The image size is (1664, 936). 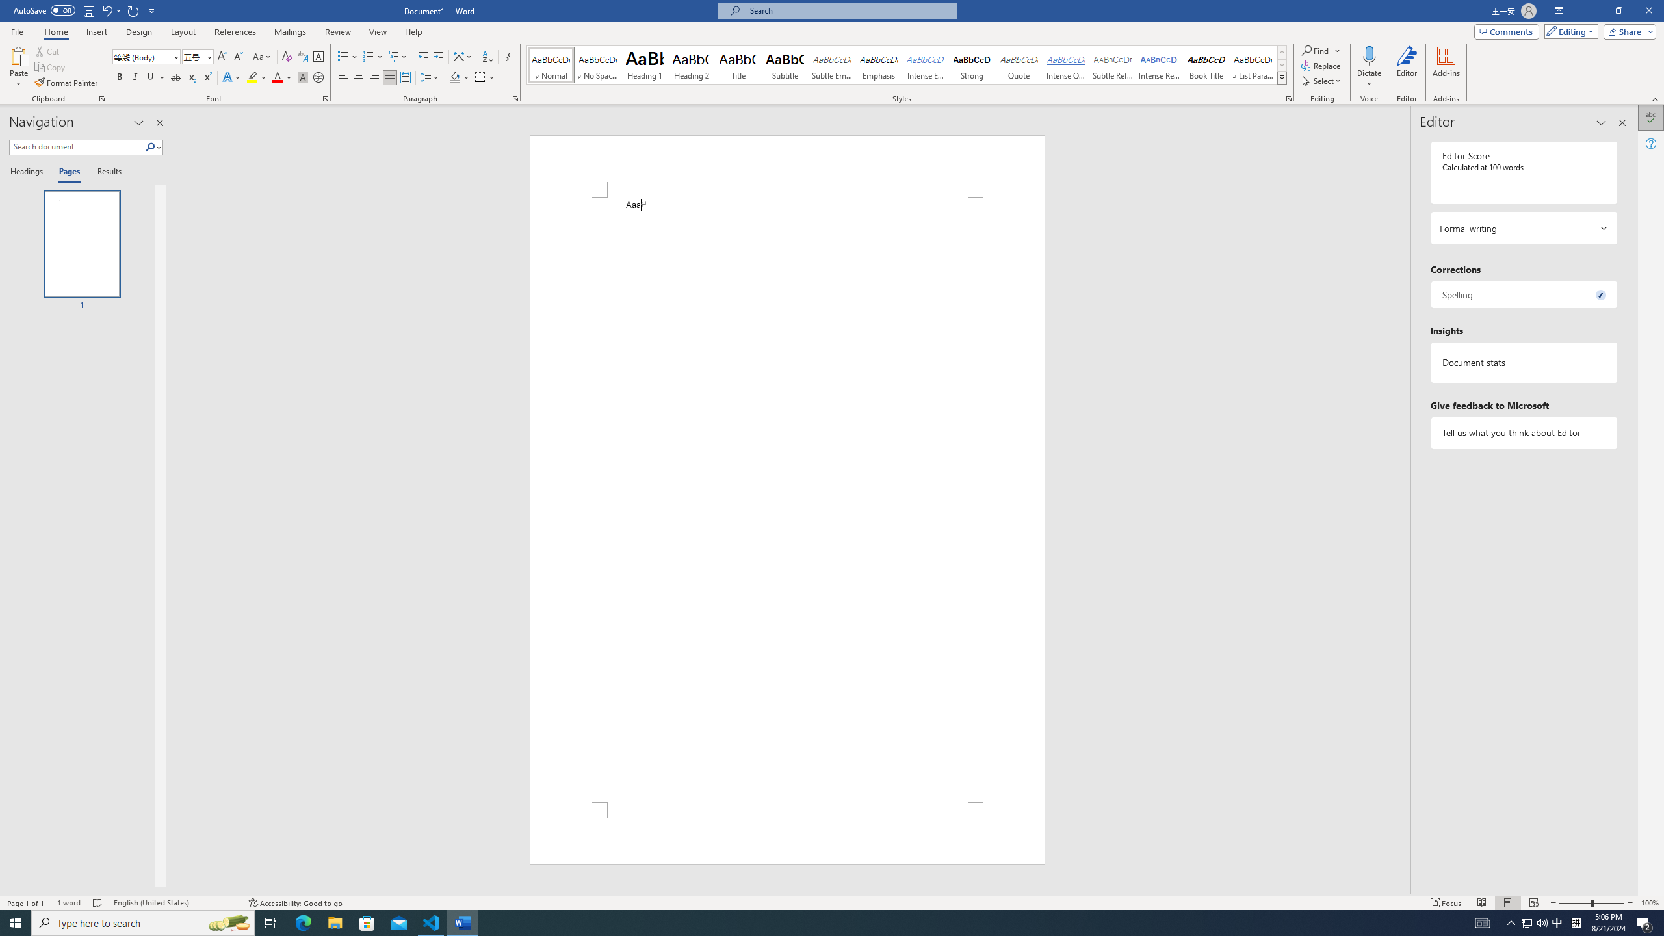 What do you see at coordinates (1446, 903) in the screenshot?
I see `'Focus '` at bounding box center [1446, 903].